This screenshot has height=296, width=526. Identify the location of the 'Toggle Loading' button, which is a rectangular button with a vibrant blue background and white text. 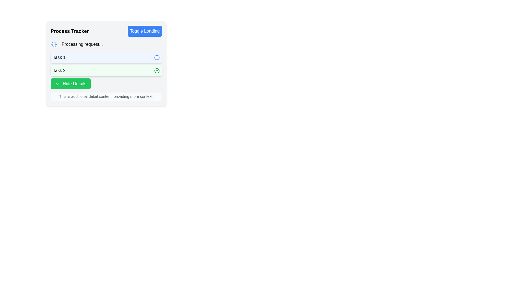
(145, 31).